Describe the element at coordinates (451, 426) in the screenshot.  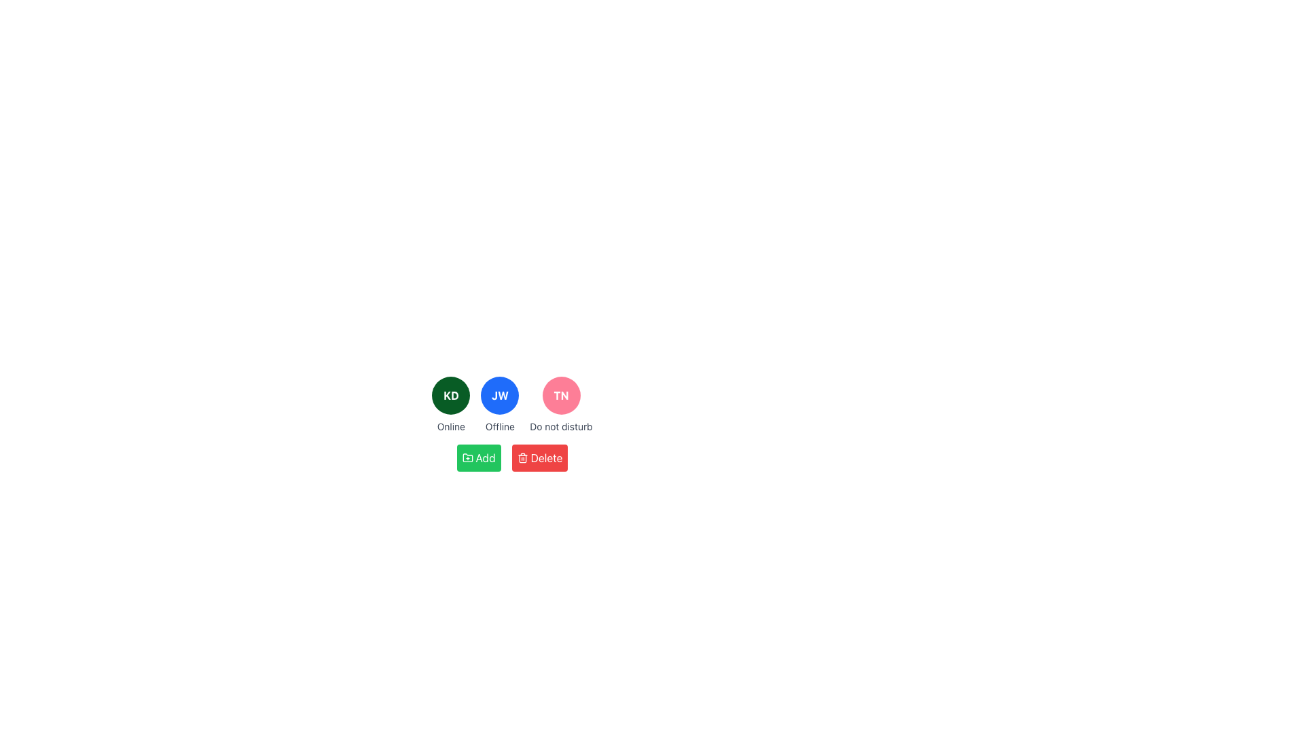
I see `the static text label displaying the connection status 'Online' for the profile represented by 'KD', which is positioned below the green circular badge` at that location.